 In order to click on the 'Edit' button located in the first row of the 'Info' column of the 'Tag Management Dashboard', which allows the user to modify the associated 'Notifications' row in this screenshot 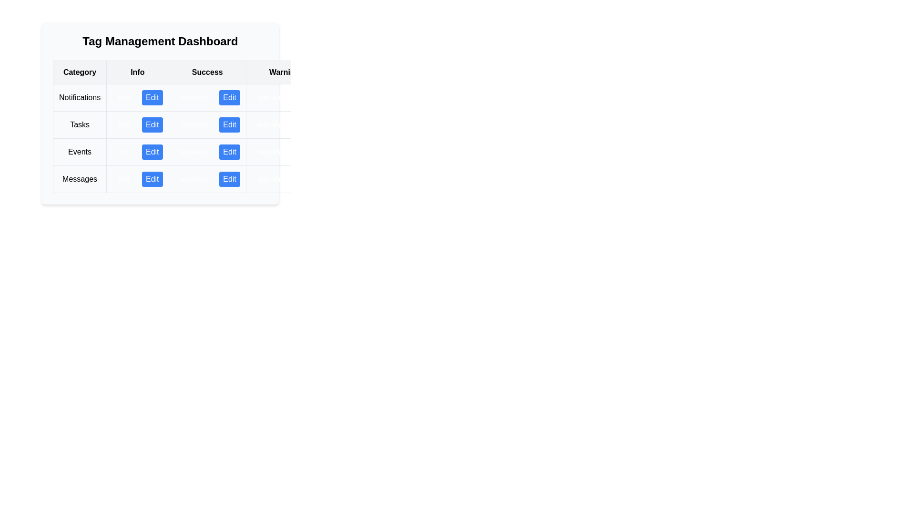, I will do `click(137, 97)`.